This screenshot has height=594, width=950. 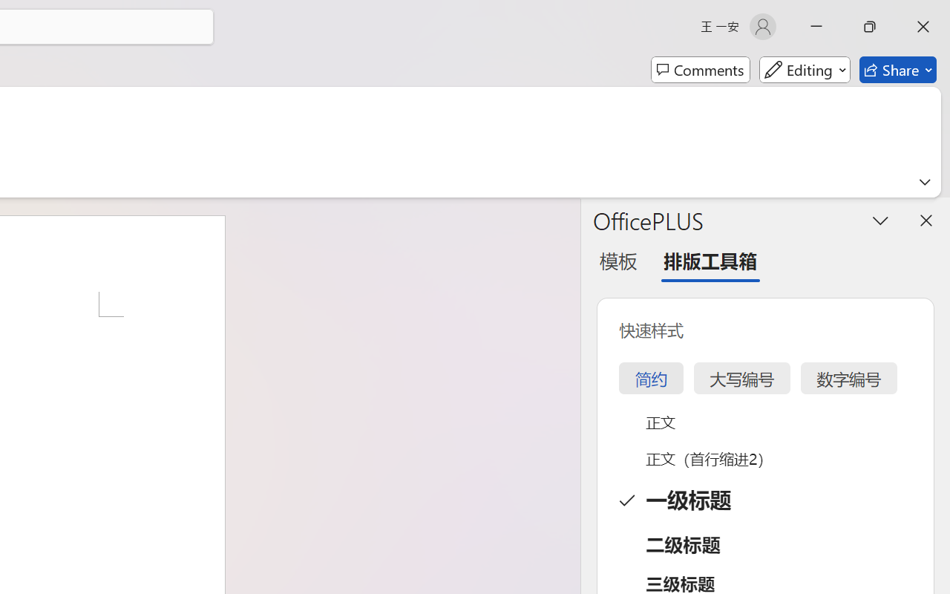 I want to click on 'Task Pane Options', so click(x=881, y=220).